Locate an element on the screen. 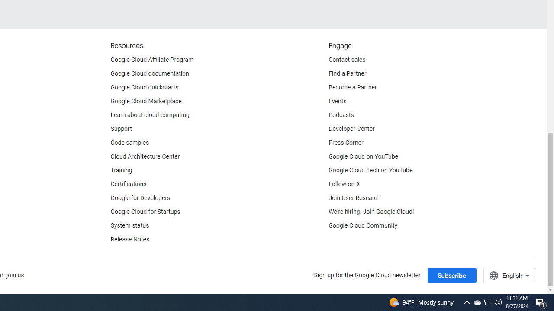 This screenshot has width=554, height=311. 'Google Cloud Marketplace' is located at coordinates (146, 101).